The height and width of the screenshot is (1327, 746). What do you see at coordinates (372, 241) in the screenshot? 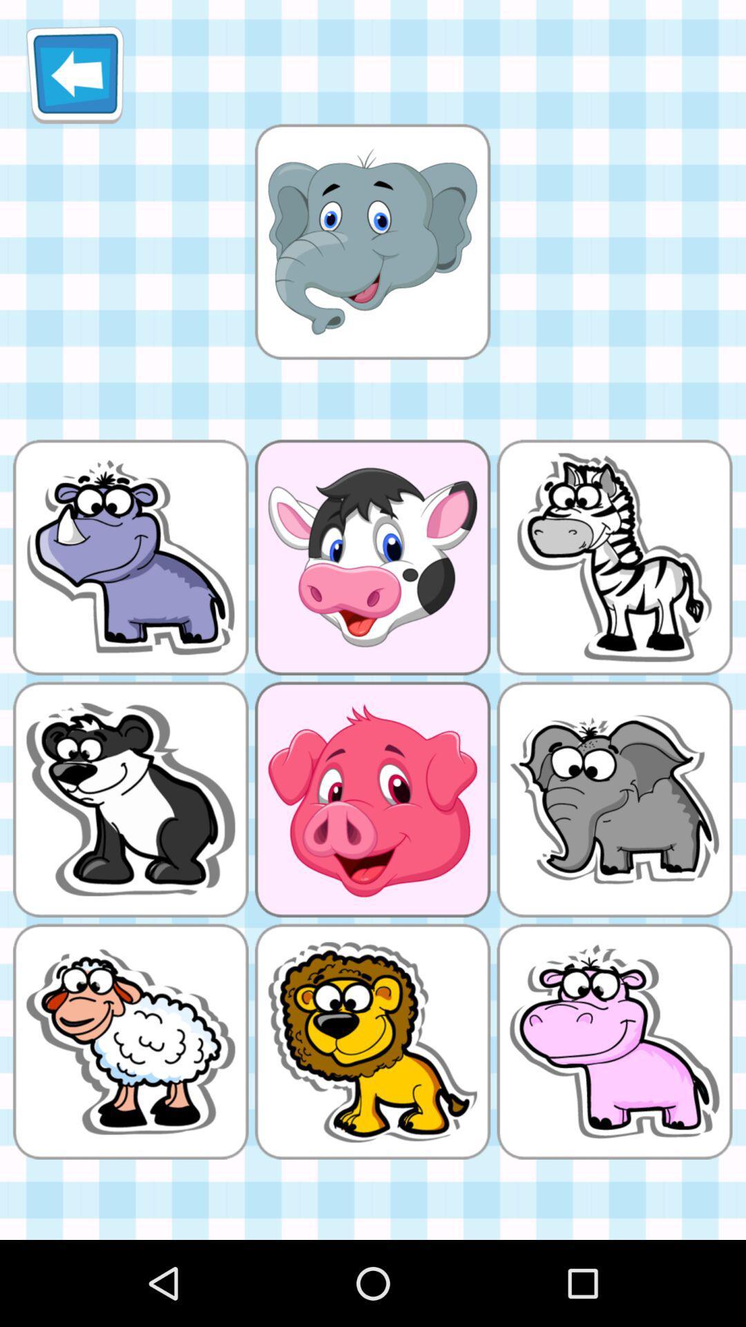
I see `landslip` at bounding box center [372, 241].